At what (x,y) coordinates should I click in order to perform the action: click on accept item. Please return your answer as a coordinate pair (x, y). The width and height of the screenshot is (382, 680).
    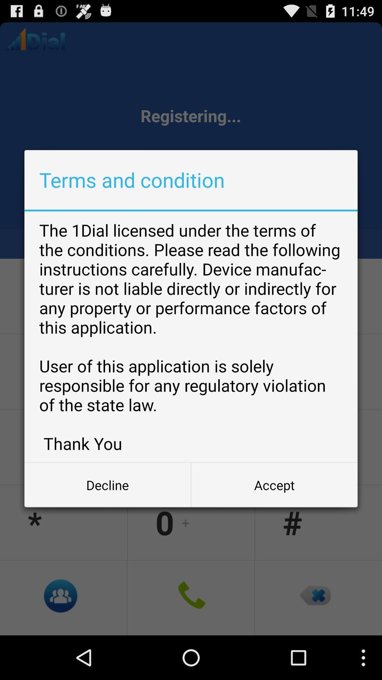
    Looking at the image, I should click on (274, 484).